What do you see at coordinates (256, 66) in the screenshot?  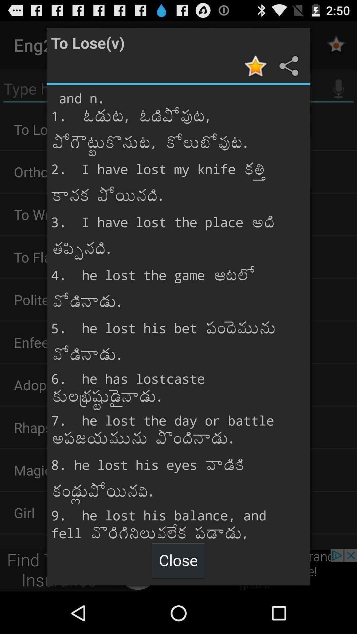 I see `to favorites` at bounding box center [256, 66].